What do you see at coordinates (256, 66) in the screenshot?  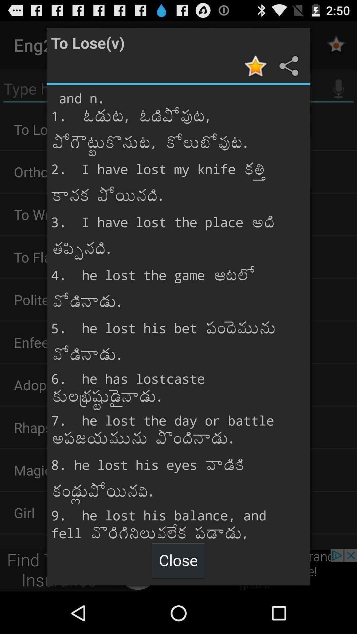 I see `to favorites` at bounding box center [256, 66].